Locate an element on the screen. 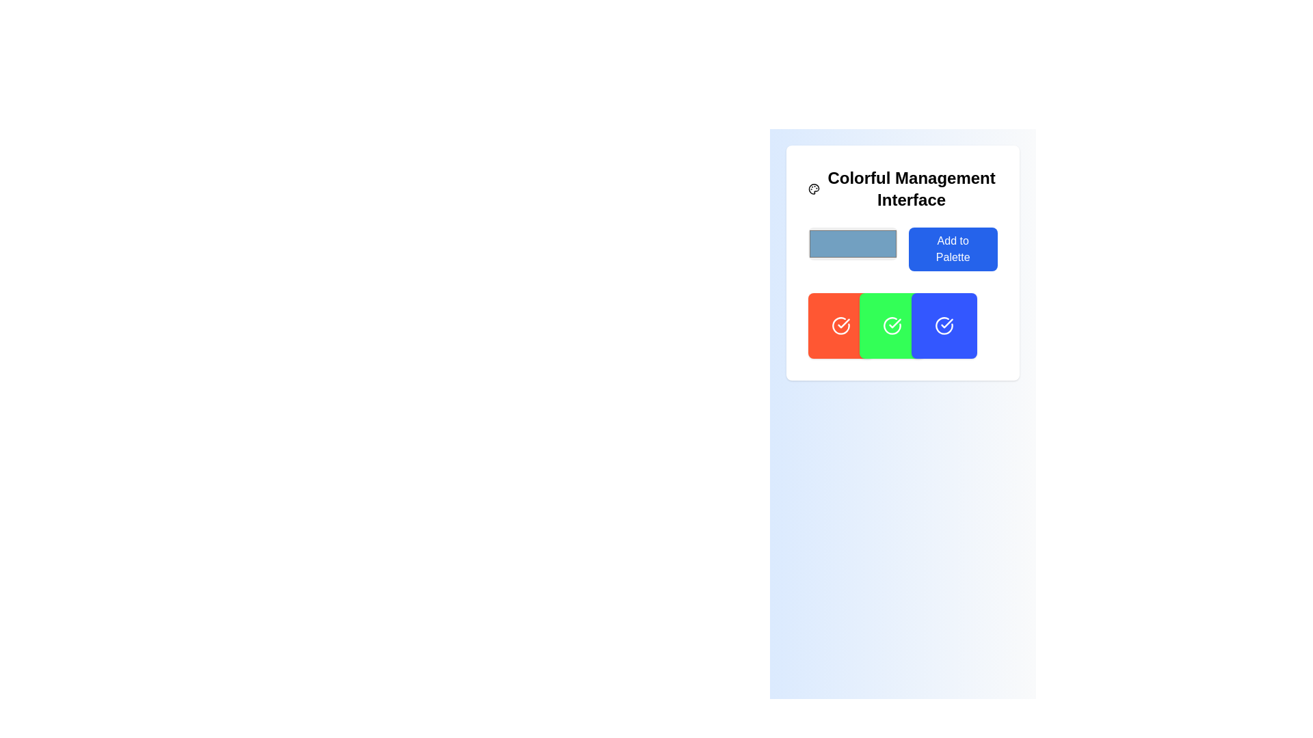  the color tiles within the color management interface for reorganization is located at coordinates (903, 263).